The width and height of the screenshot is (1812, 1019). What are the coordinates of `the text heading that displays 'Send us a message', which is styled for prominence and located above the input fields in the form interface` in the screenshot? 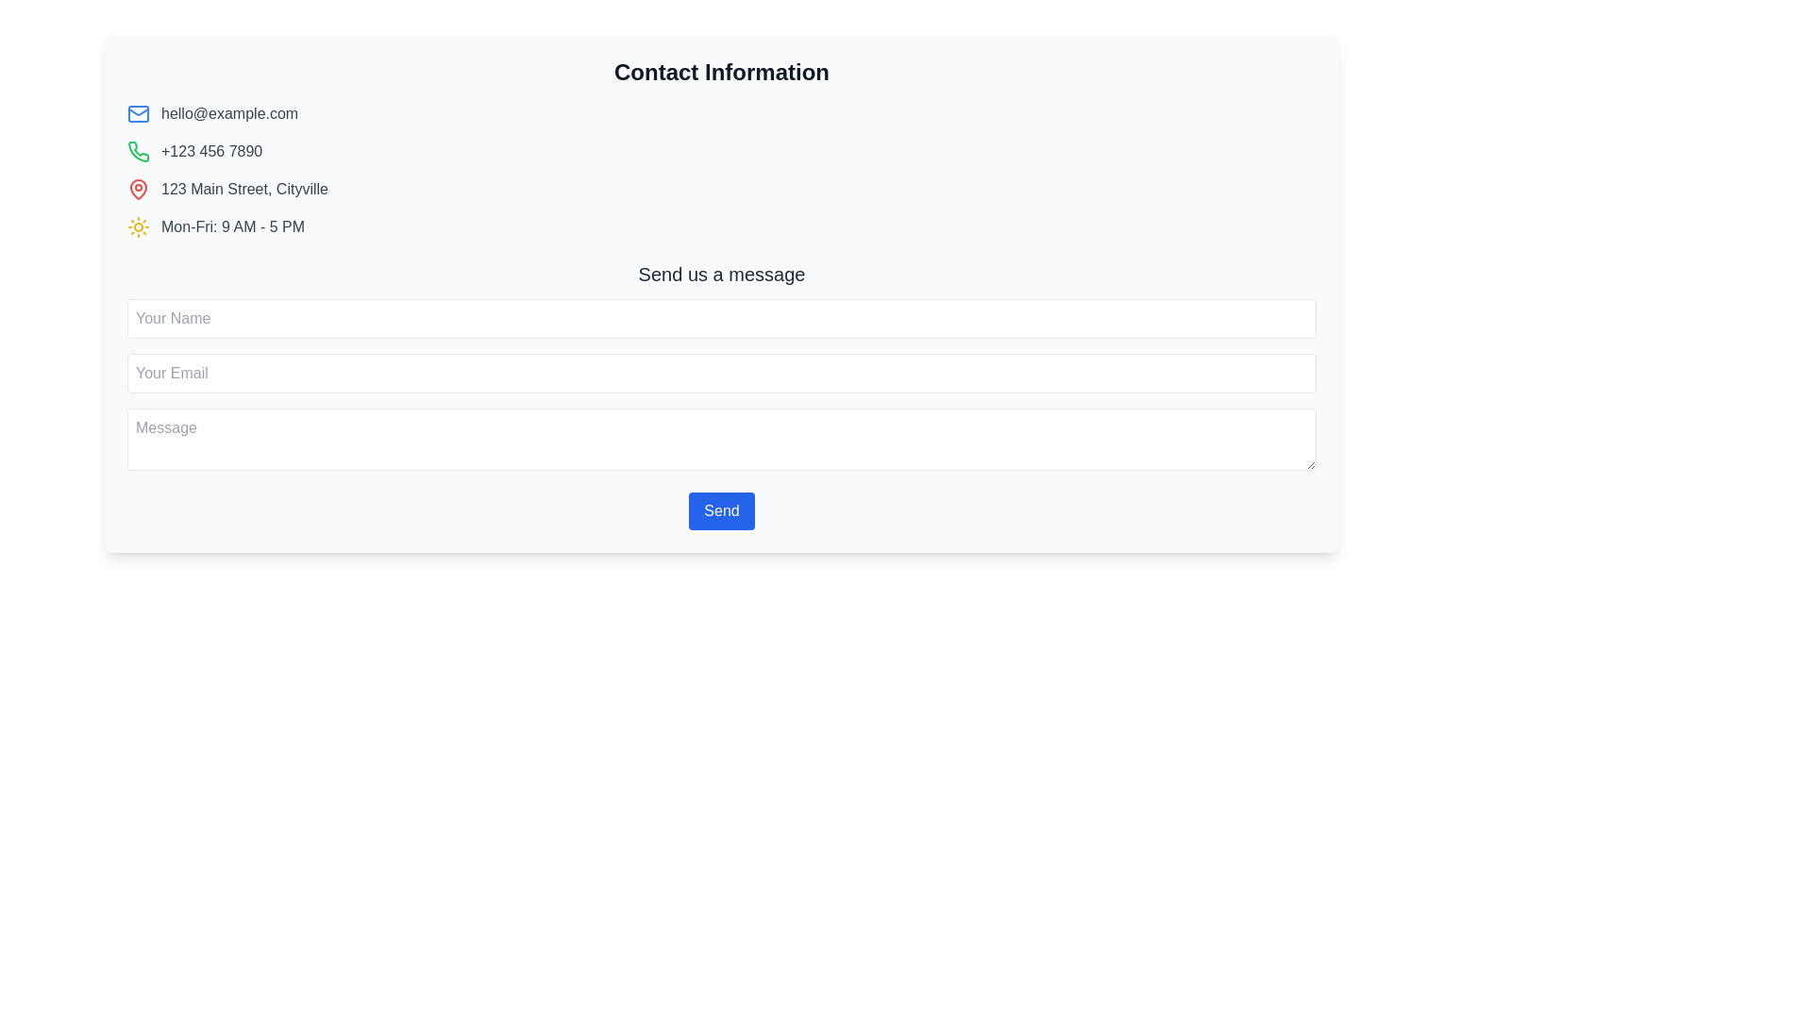 It's located at (720, 274).